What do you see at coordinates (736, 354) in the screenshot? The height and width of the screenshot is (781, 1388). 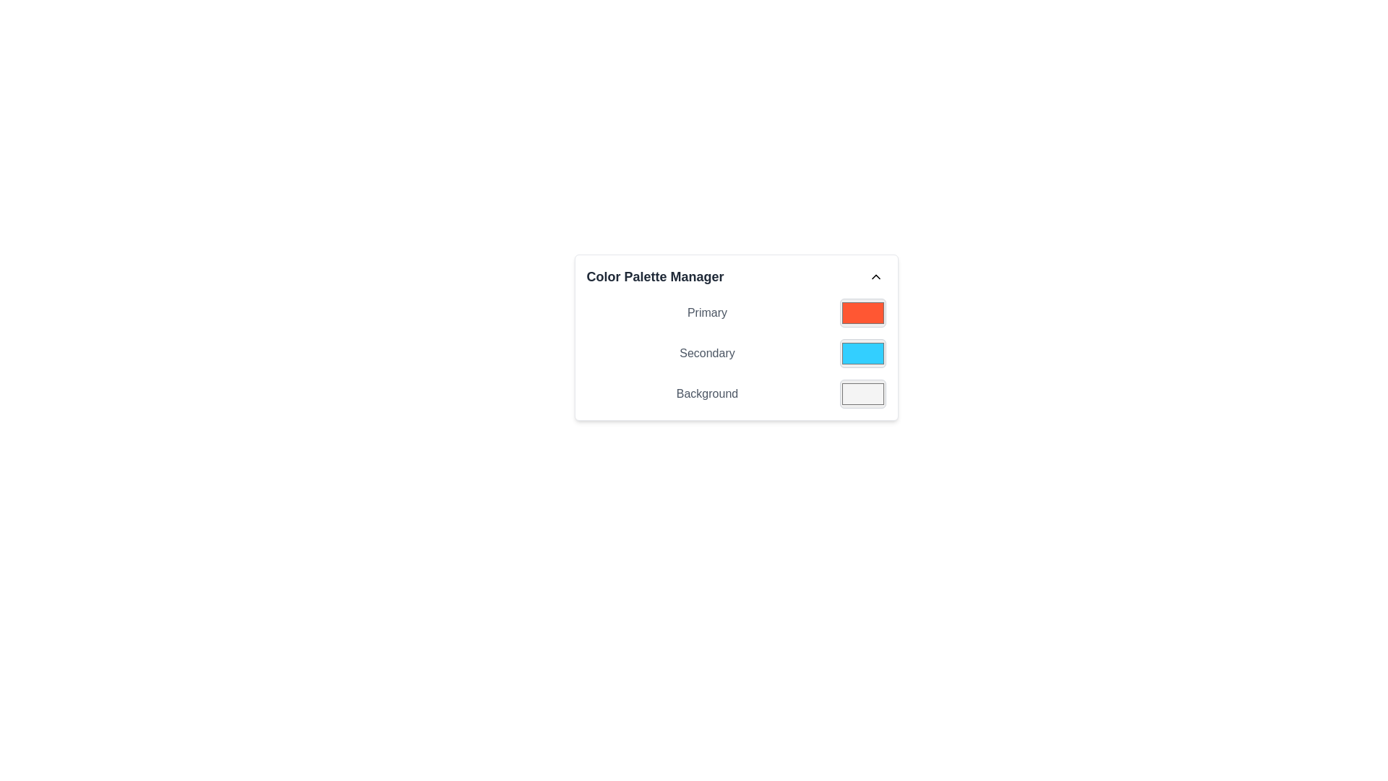 I see `the color swatch` at bounding box center [736, 354].